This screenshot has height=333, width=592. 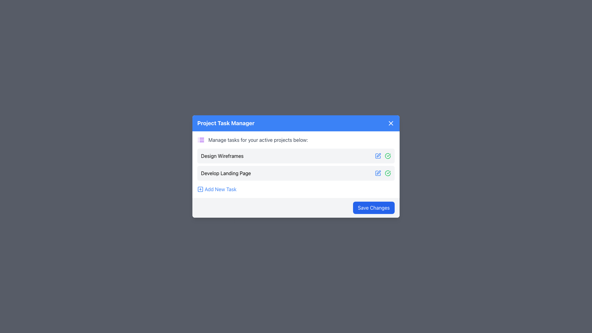 What do you see at coordinates (220, 189) in the screenshot?
I see `the button located at the bottom-left corner of the task listing area in the 'Project Task Manager' modal` at bounding box center [220, 189].